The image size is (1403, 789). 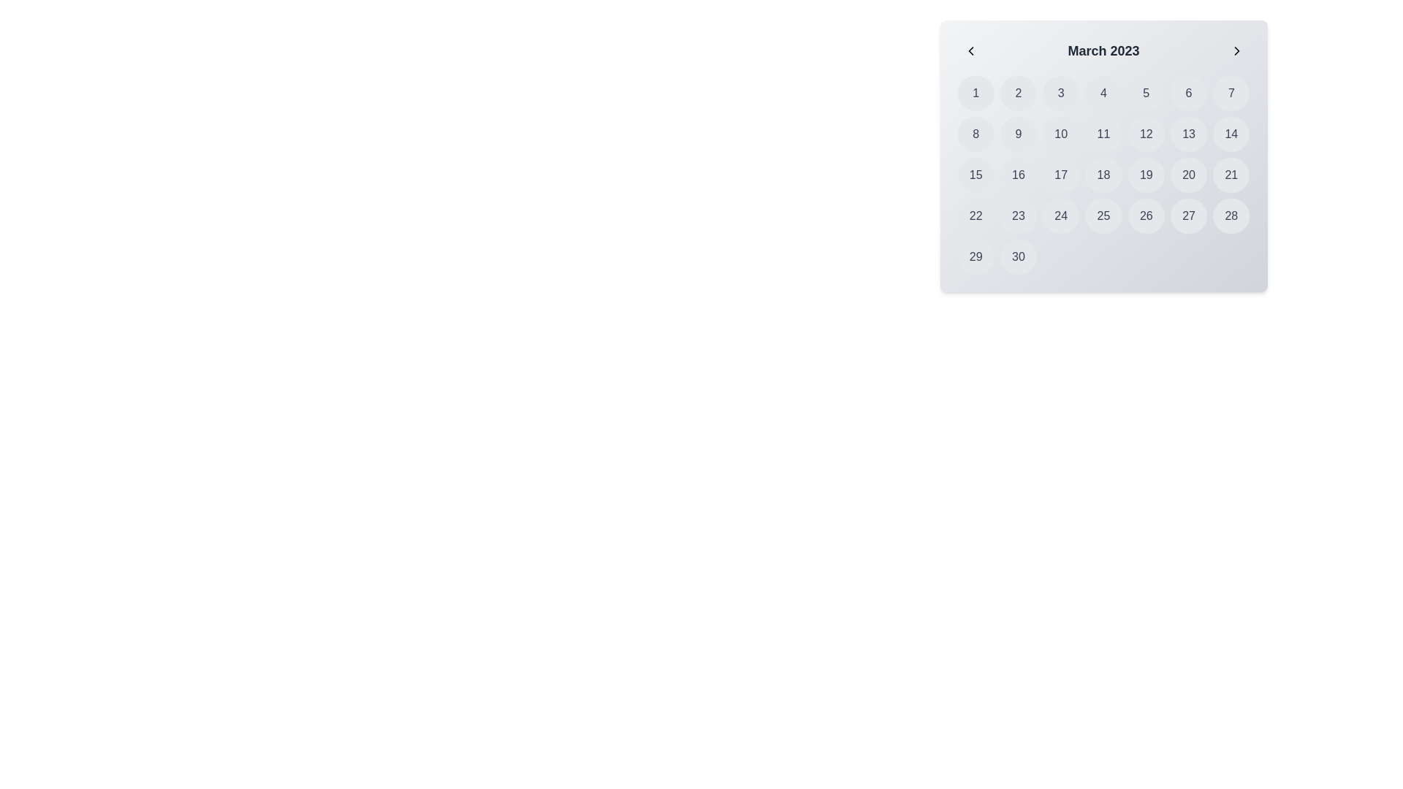 I want to click on the circular day cell labeled '28' in the calendar grid, so click(x=1231, y=216).